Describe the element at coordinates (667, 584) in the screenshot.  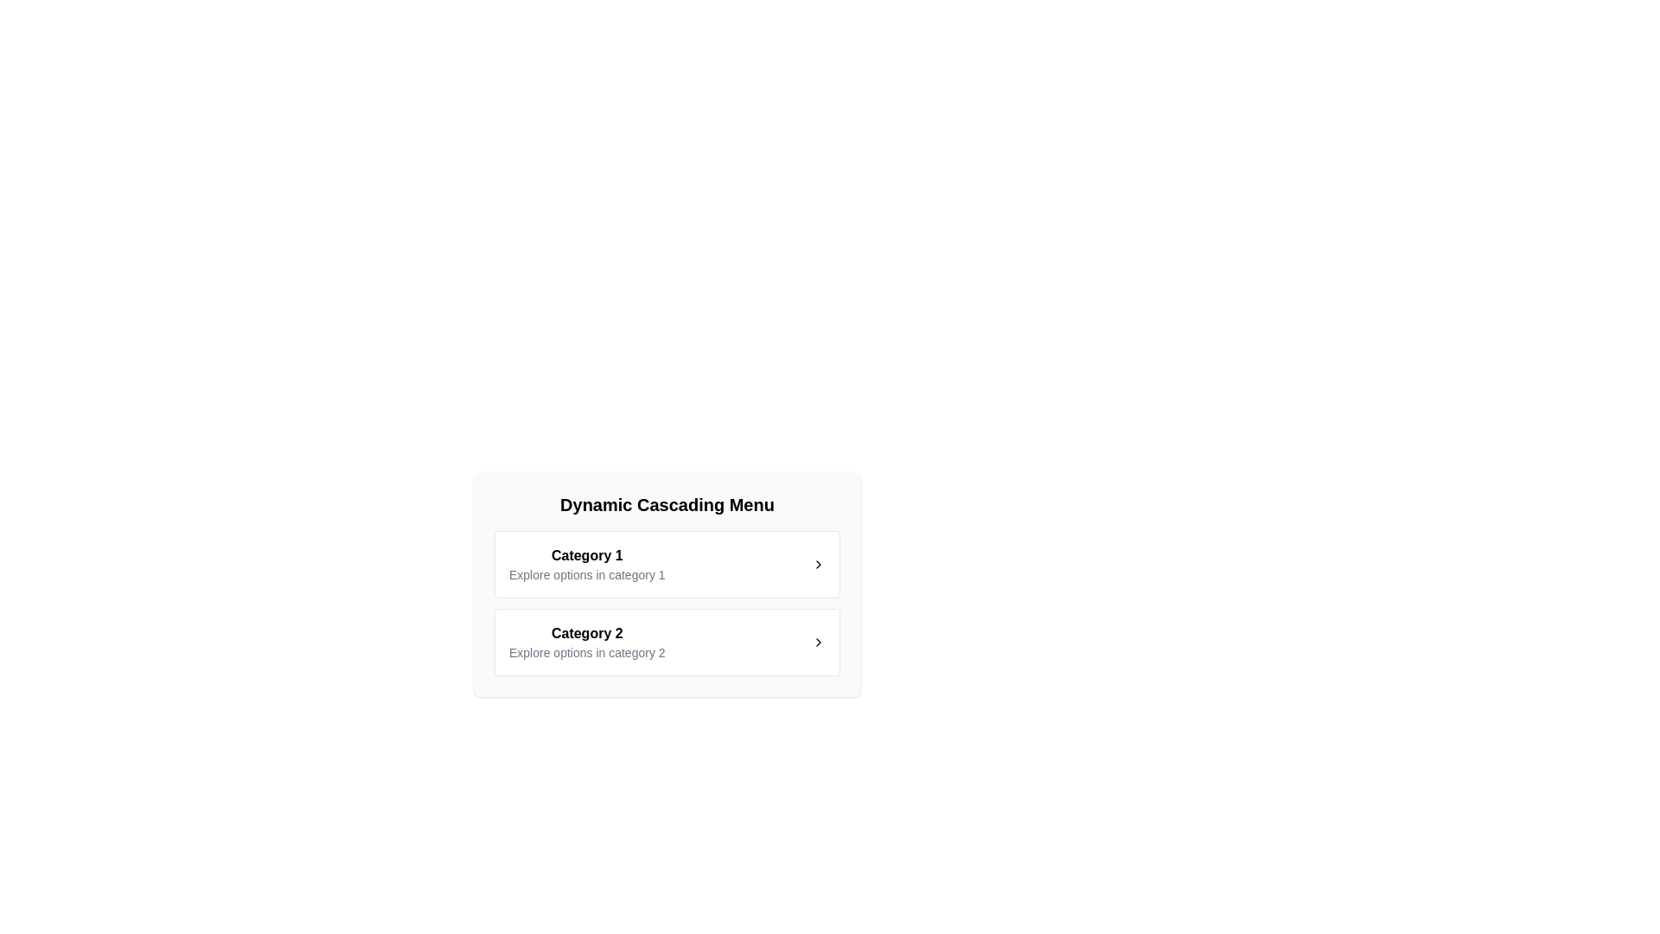
I see `the first interactive menu option labeled 'Category 1' in the vertically stacked list of the 'Dynamic Cascading Menu'` at that location.